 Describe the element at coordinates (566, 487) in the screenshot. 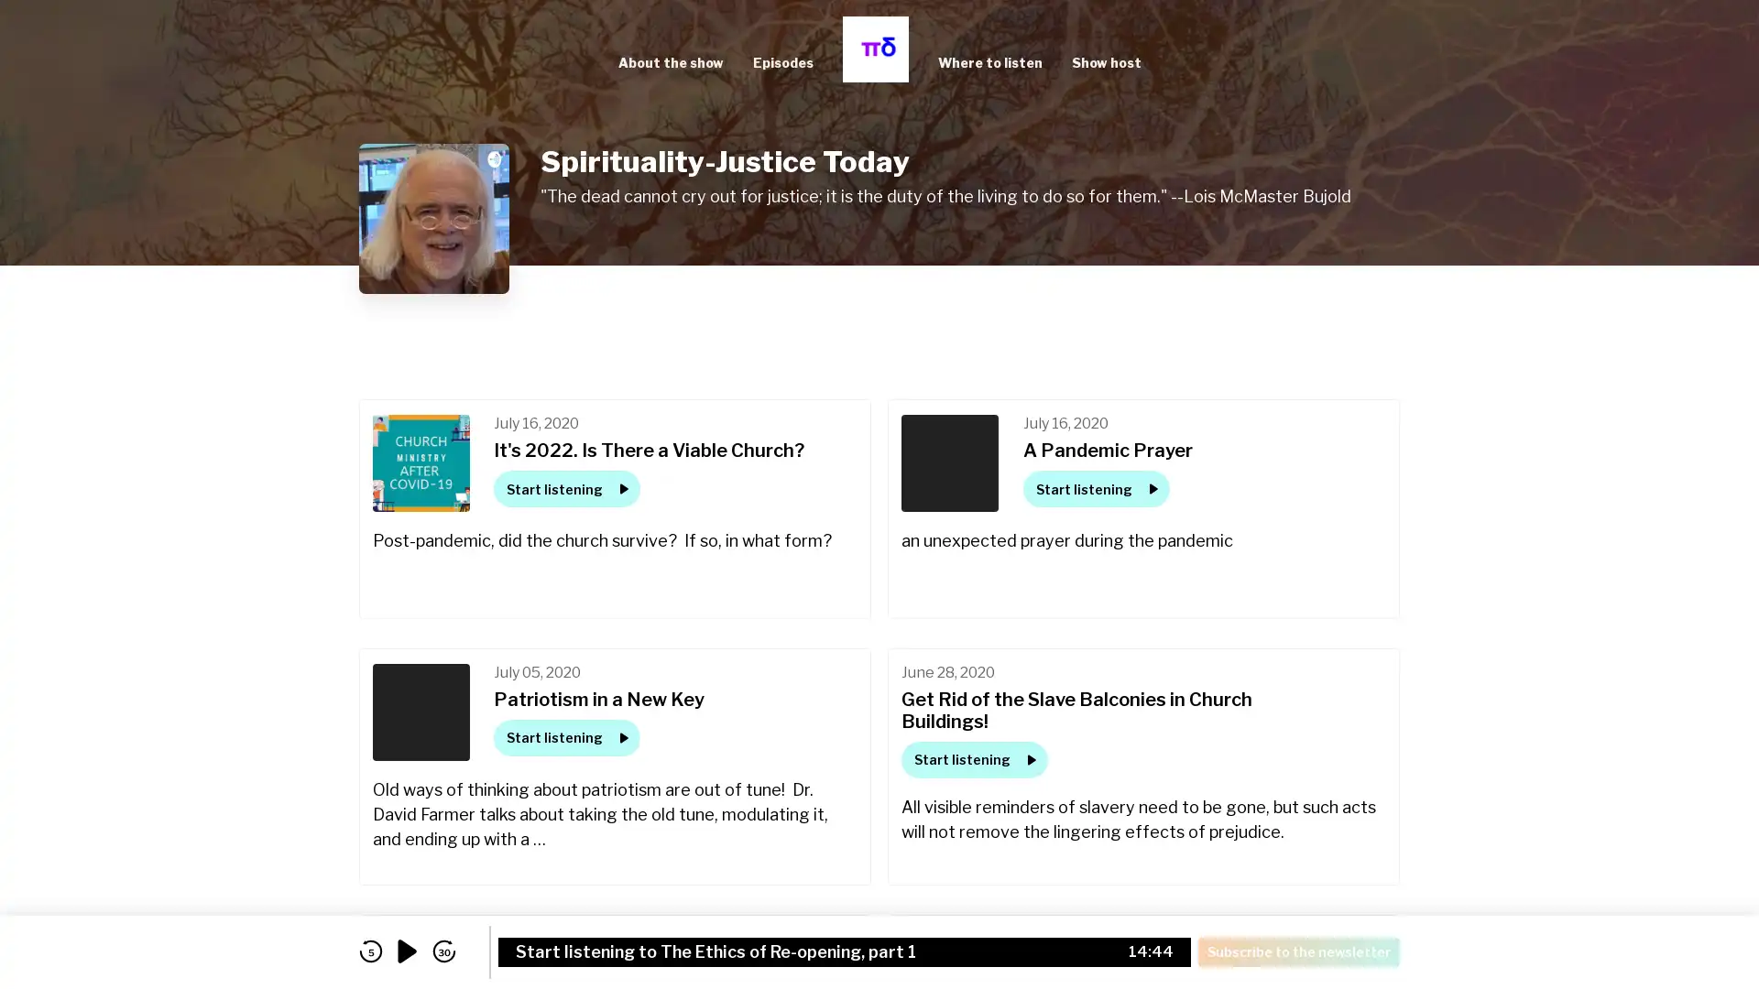

I see `Start listening` at that location.